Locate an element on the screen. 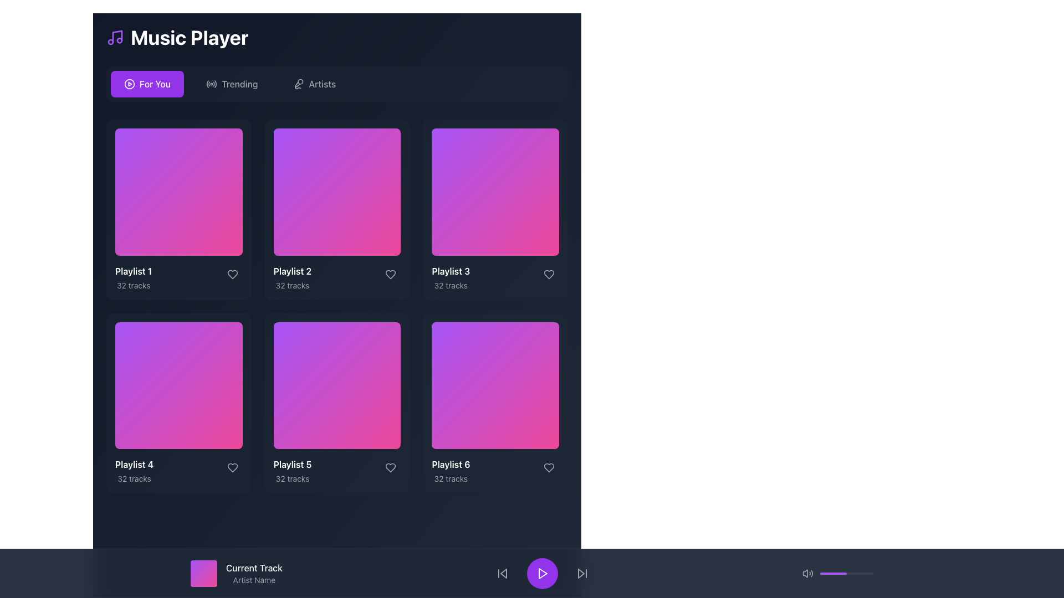  the text label displaying 'Playlist 3' is located at coordinates (451, 271).